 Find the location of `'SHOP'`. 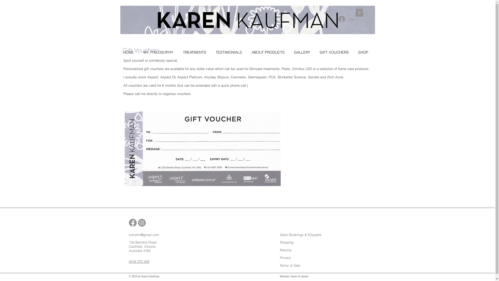

'SHOP' is located at coordinates (365, 52).